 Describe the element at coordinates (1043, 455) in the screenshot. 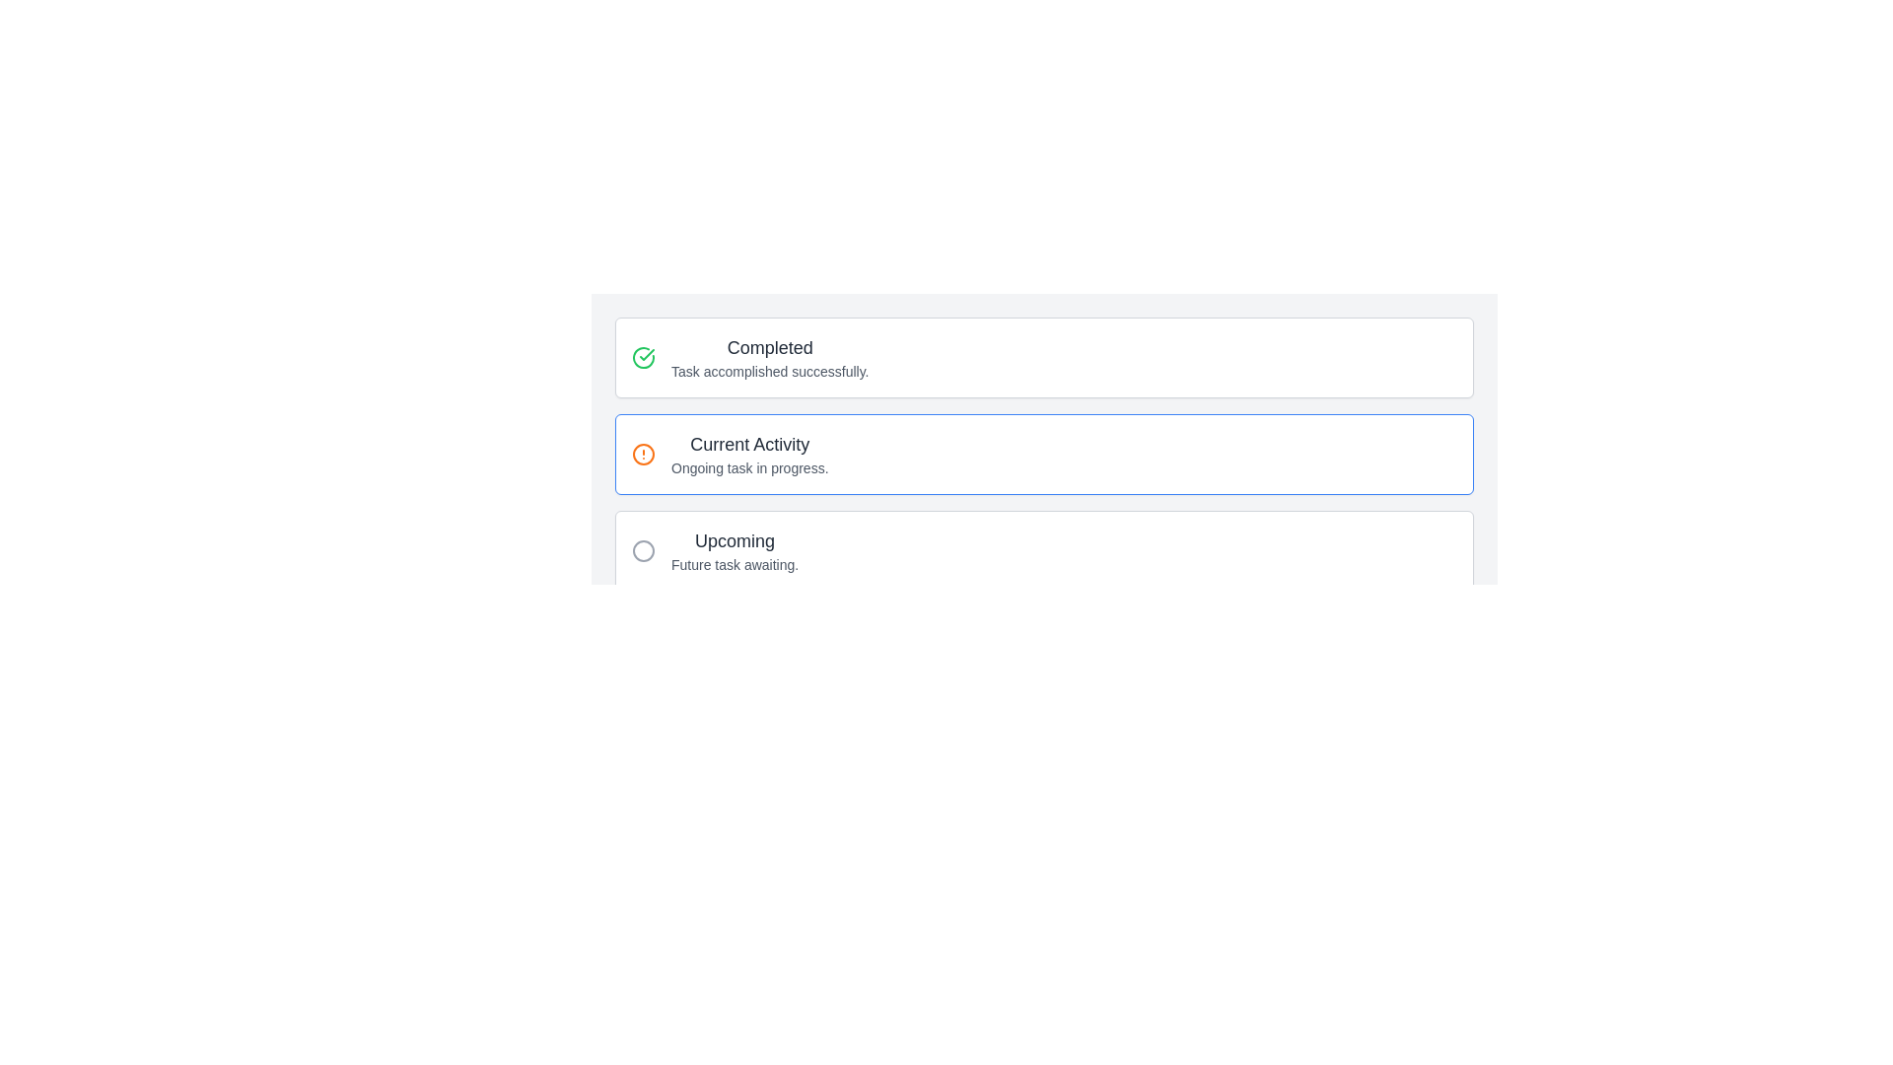

I see `the Informational Card, which is the second item in a vertical list of three cards, located between the 'Completed' and 'Upcoming' cards` at that location.